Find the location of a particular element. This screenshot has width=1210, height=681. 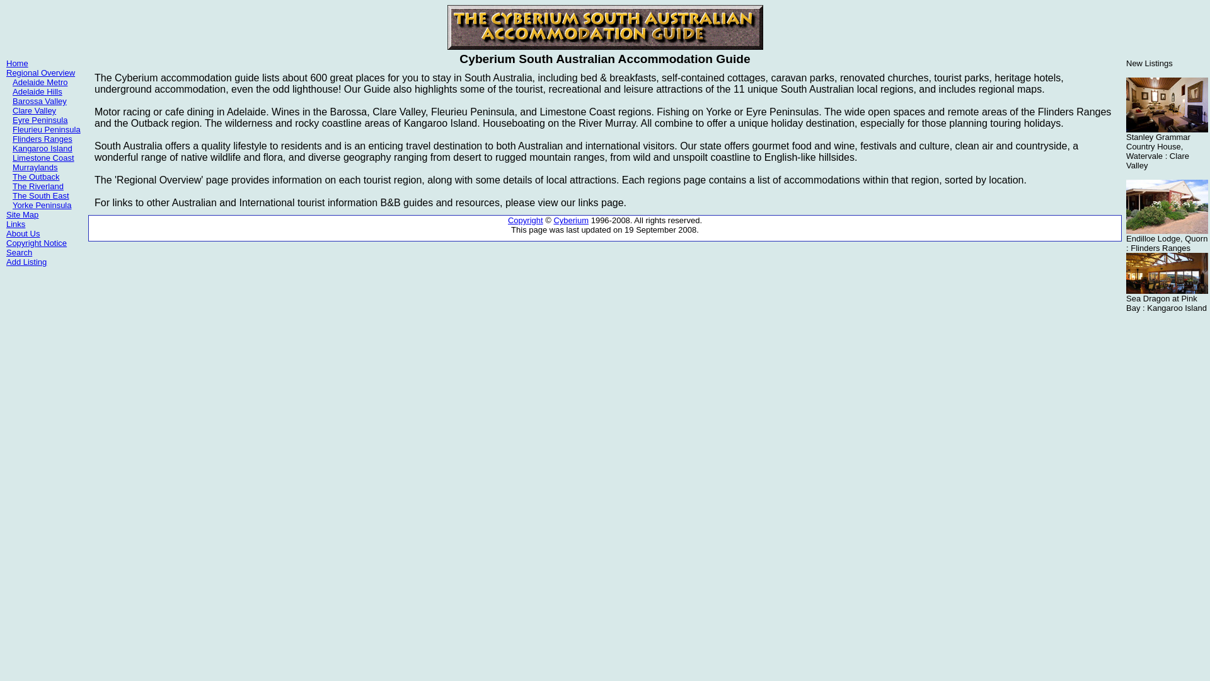

'Adelaide Hills' is located at coordinates (12, 91).